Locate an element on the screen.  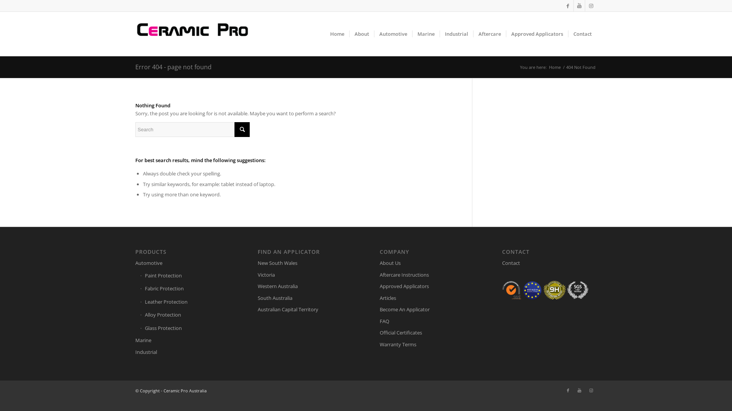
'Automotive' is located at coordinates (182, 263).